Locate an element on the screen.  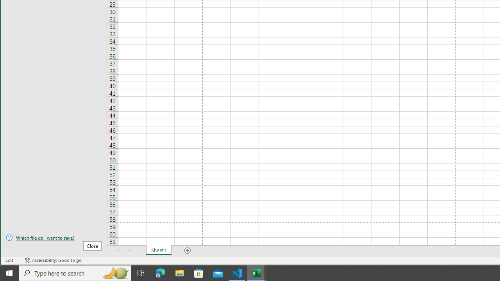
'Microsoft Store' is located at coordinates (199, 272).